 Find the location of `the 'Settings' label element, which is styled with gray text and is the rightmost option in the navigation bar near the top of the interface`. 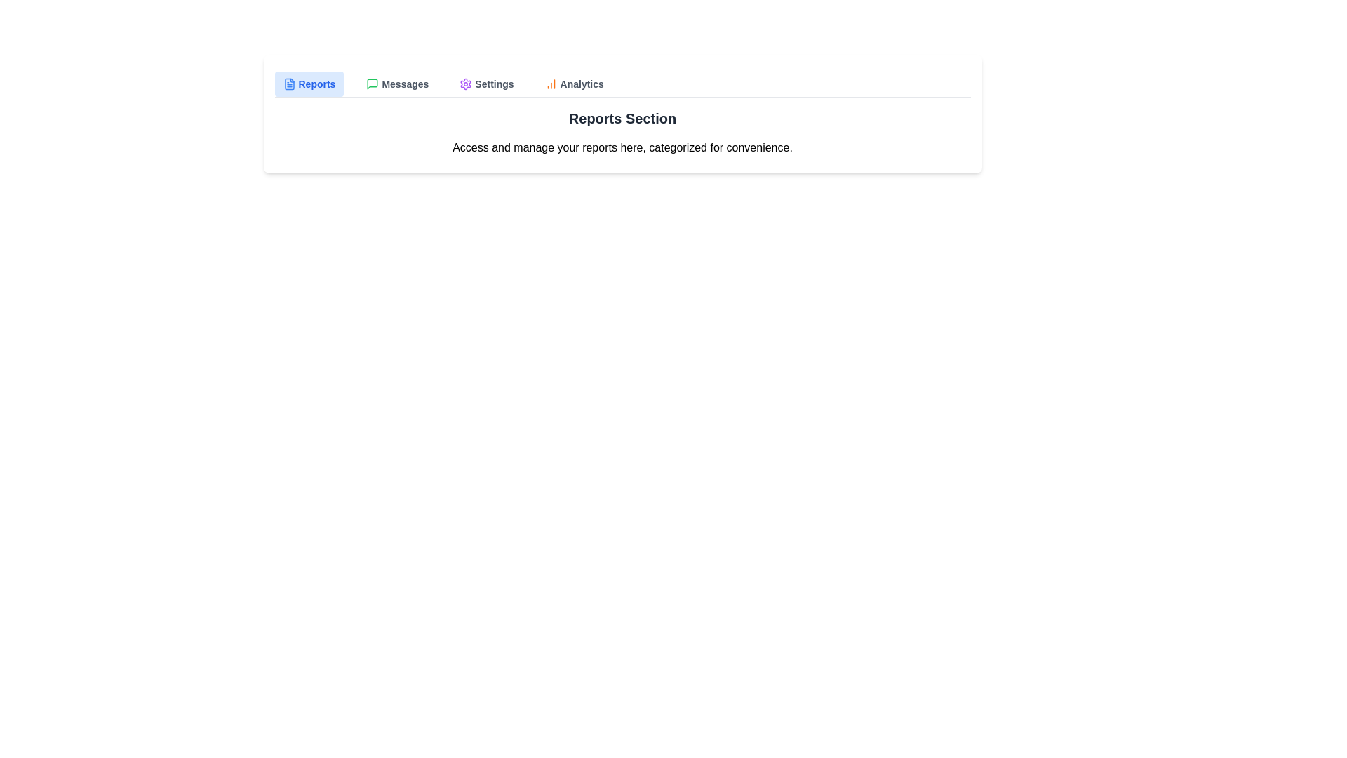

the 'Settings' label element, which is styled with gray text and is the rightmost option in the navigation bar near the top of the interface is located at coordinates (495, 84).